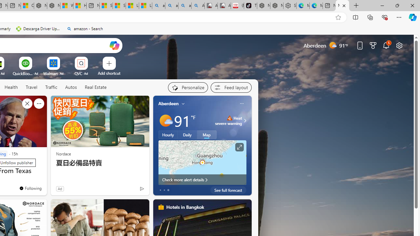 The width and height of the screenshot is (420, 236). I want to click on 'Hourly', so click(168, 134).